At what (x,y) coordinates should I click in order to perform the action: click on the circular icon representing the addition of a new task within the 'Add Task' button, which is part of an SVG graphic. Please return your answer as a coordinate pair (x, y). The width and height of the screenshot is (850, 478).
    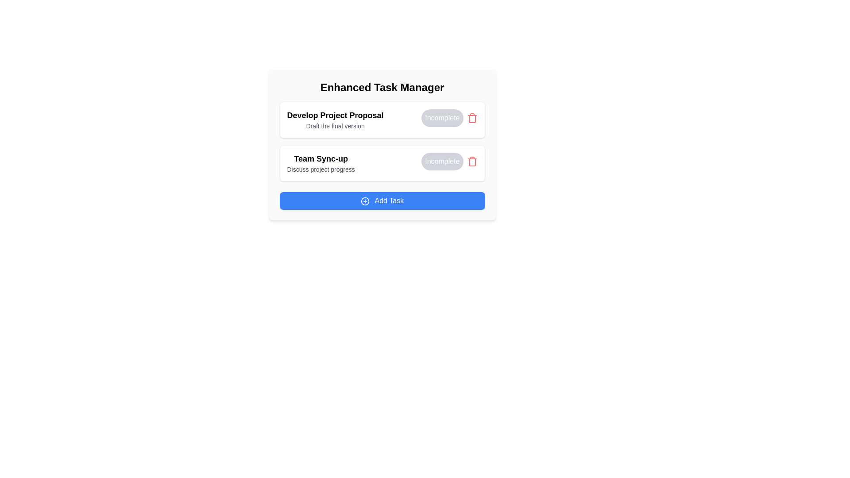
    Looking at the image, I should click on (365, 201).